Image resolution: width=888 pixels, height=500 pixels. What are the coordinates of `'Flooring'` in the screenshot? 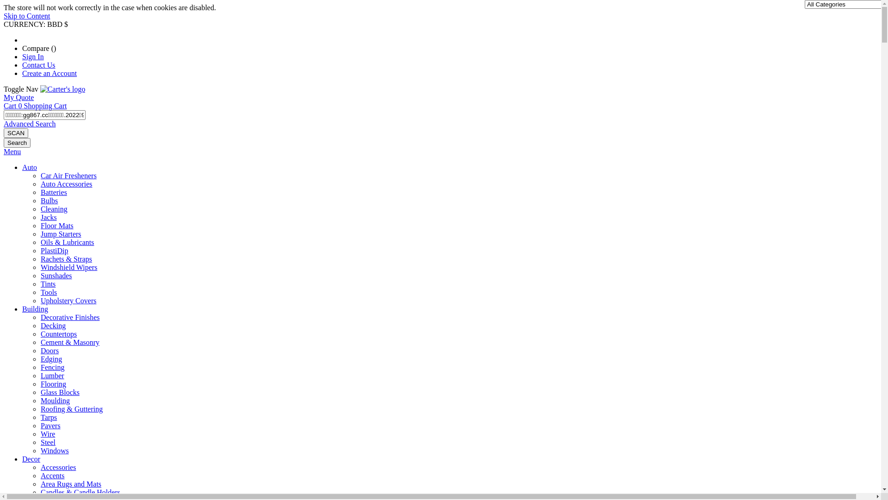 It's located at (40, 384).